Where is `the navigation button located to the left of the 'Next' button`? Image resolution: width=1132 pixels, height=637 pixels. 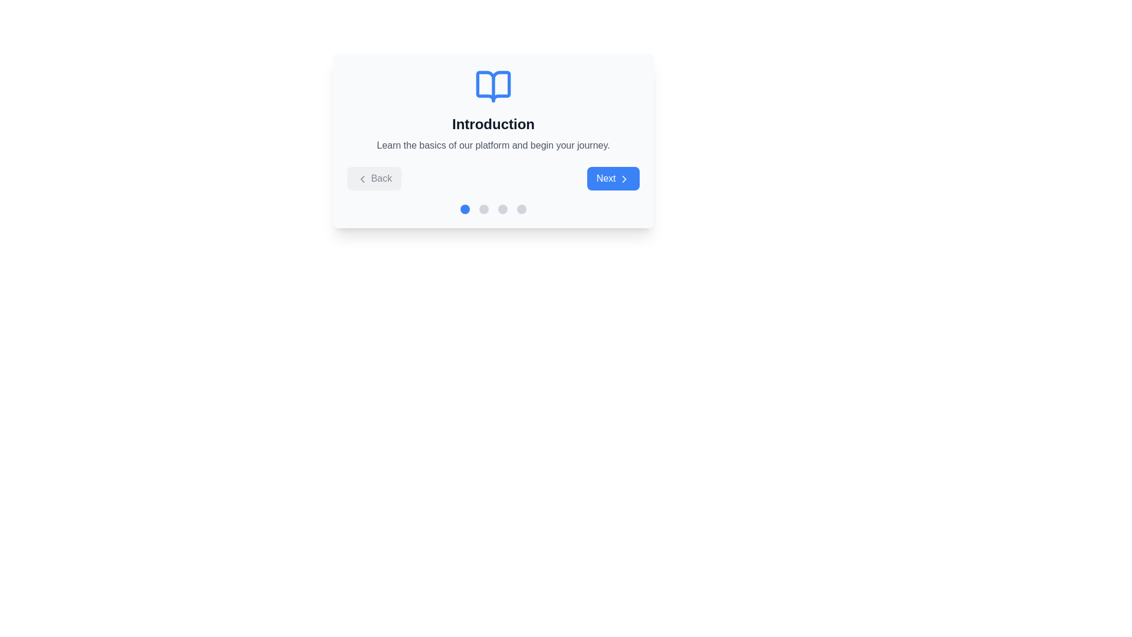 the navigation button located to the left of the 'Next' button is located at coordinates (373, 179).